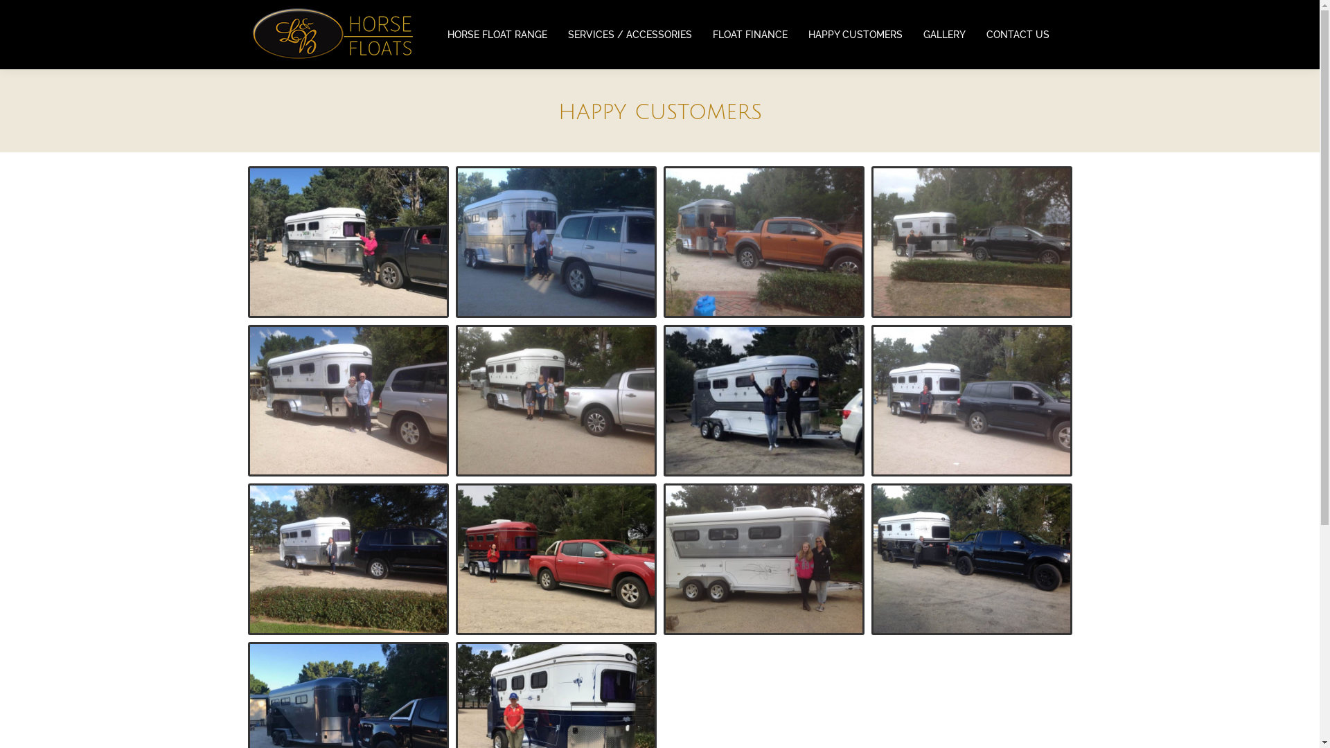 This screenshot has height=748, width=1330. What do you see at coordinates (1017, 34) in the screenshot?
I see `'CONTACT US'` at bounding box center [1017, 34].